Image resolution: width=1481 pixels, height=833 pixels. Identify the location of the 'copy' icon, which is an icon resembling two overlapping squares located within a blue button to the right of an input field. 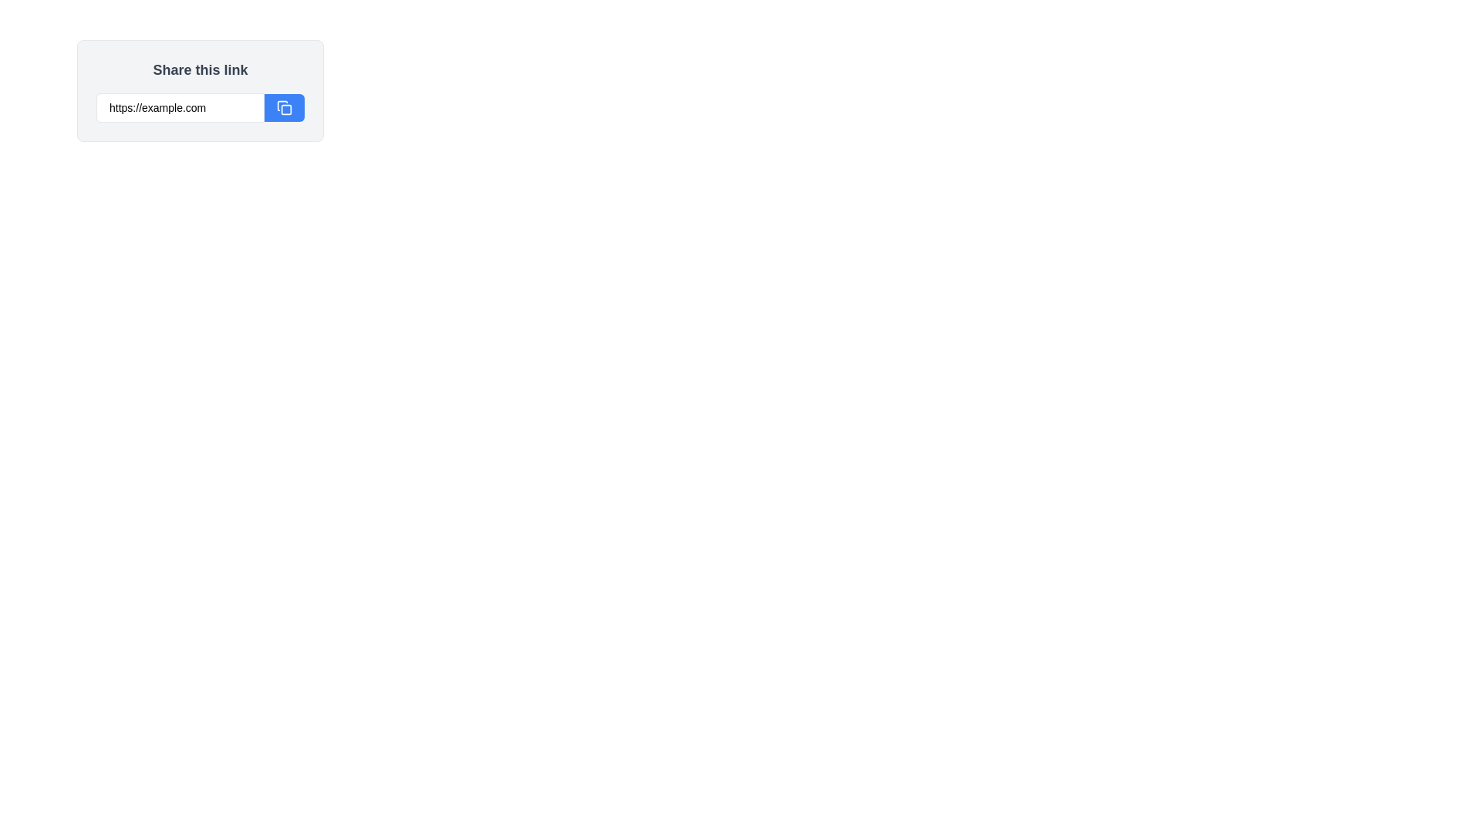
(285, 106).